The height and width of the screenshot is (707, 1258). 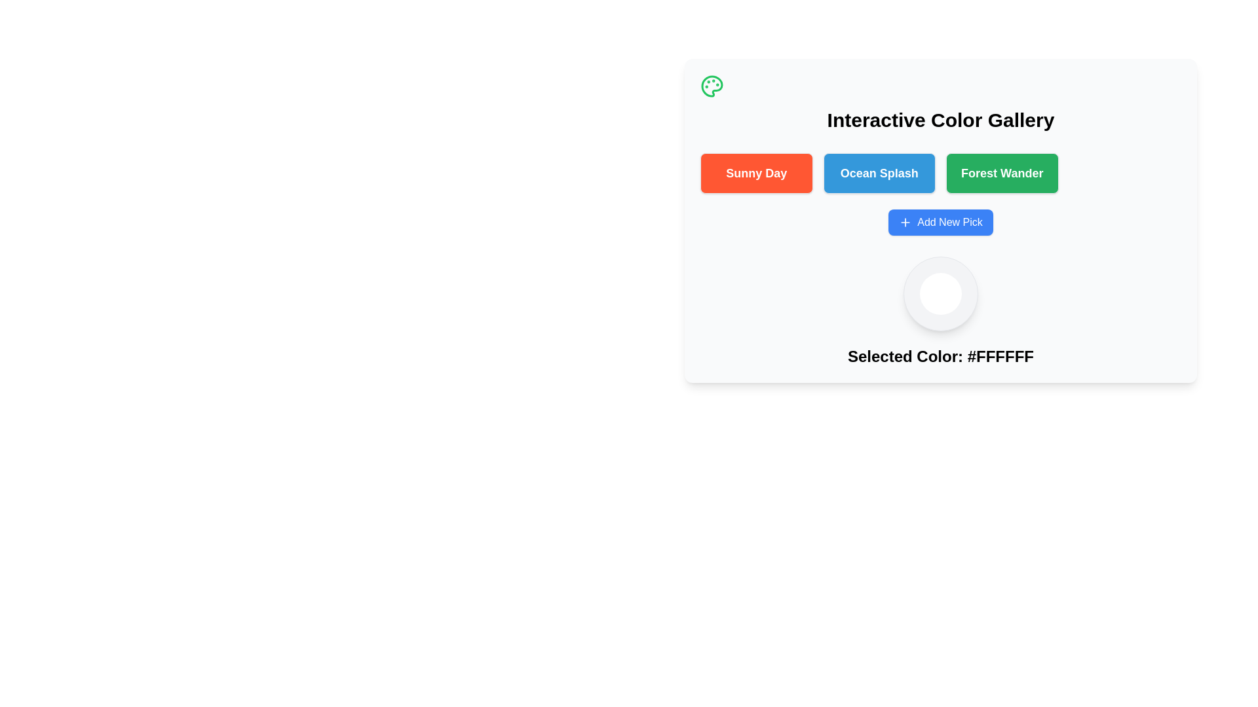 What do you see at coordinates (940, 173) in the screenshot?
I see `the interactive color grid located beneath the title 'Interactive Color Gallery'` at bounding box center [940, 173].